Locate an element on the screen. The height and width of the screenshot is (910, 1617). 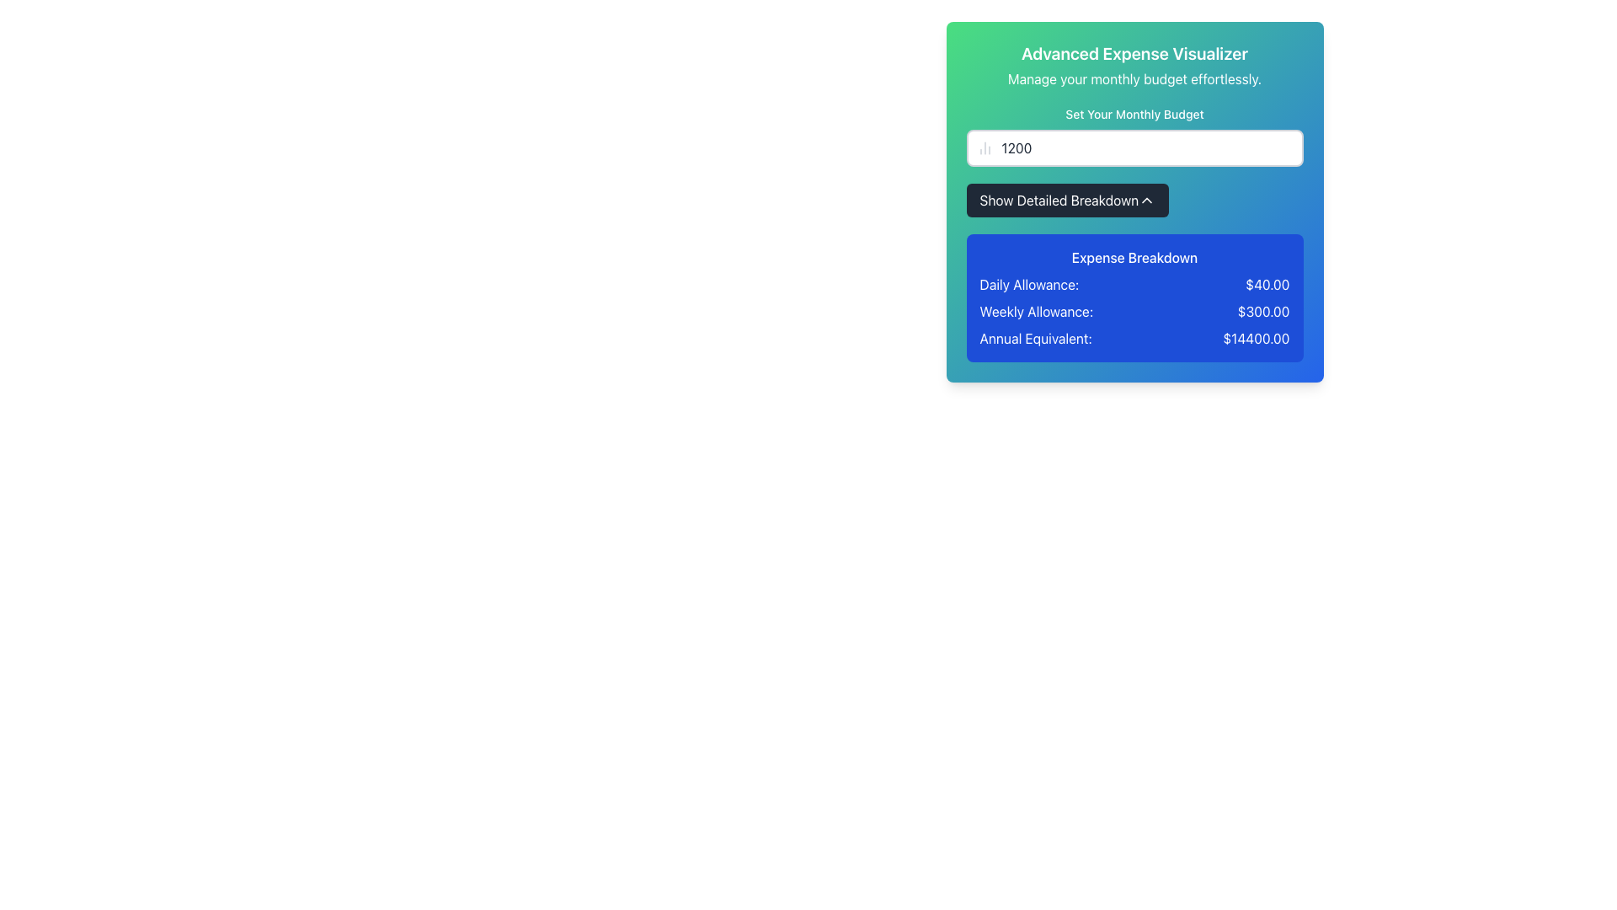
the text label that reads 'Manage your monthly budget effortlessly.' which is styled in white against a gradient background, located below 'Advanced Expense Visualizer' and above 'Set Your Monthly Budget.' is located at coordinates (1134, 78).